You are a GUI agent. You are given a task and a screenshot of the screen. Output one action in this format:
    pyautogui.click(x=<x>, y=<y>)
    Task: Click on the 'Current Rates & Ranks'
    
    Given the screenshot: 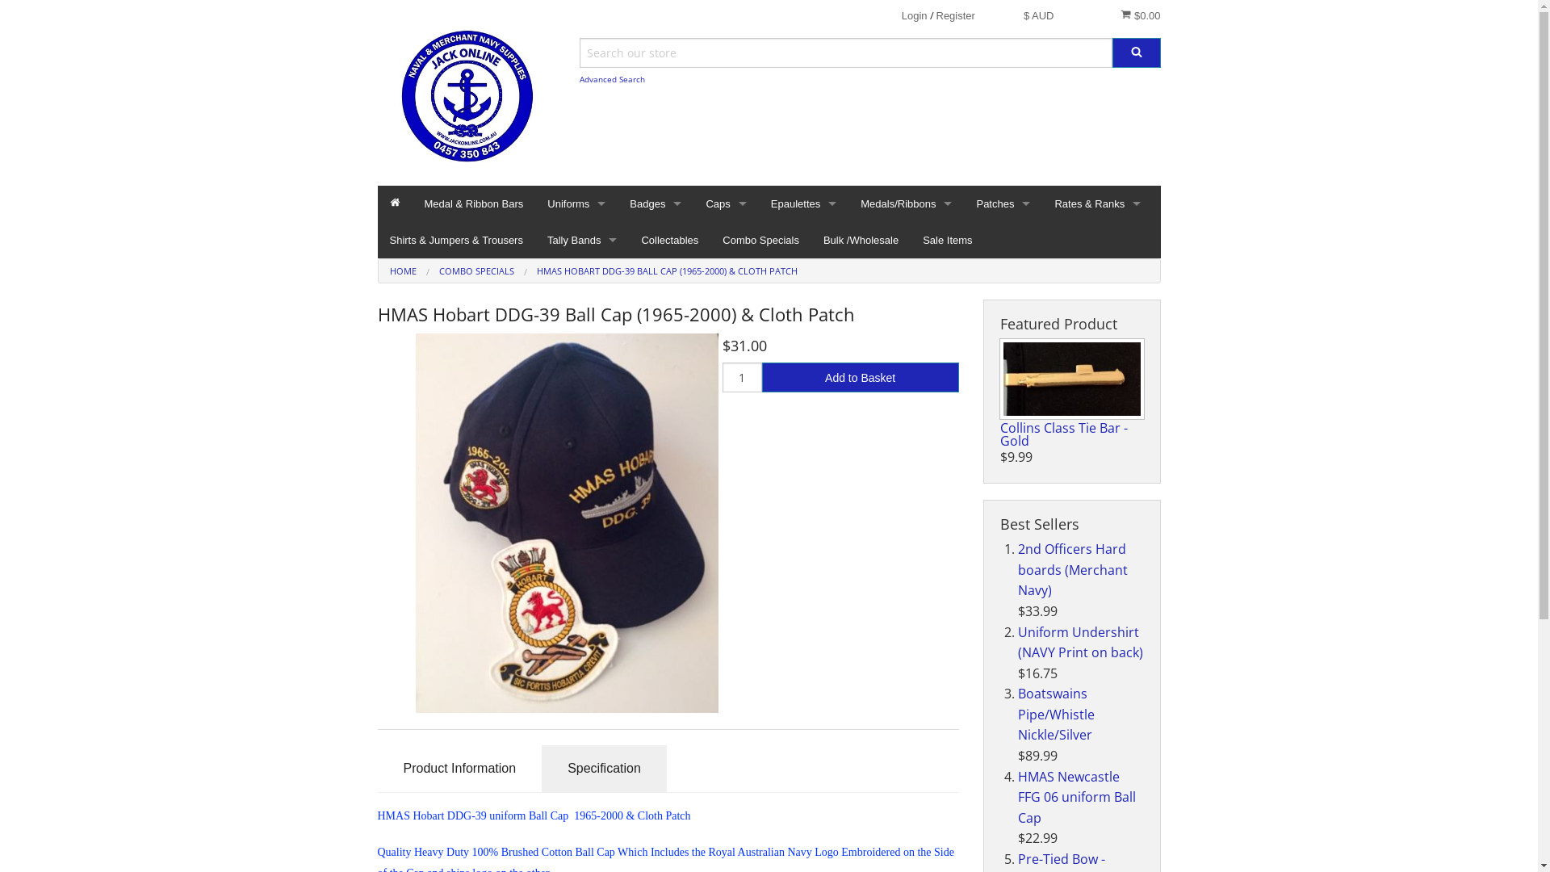 What is the action you would take?
    pyautogui.click(x=1042, y=296)
    